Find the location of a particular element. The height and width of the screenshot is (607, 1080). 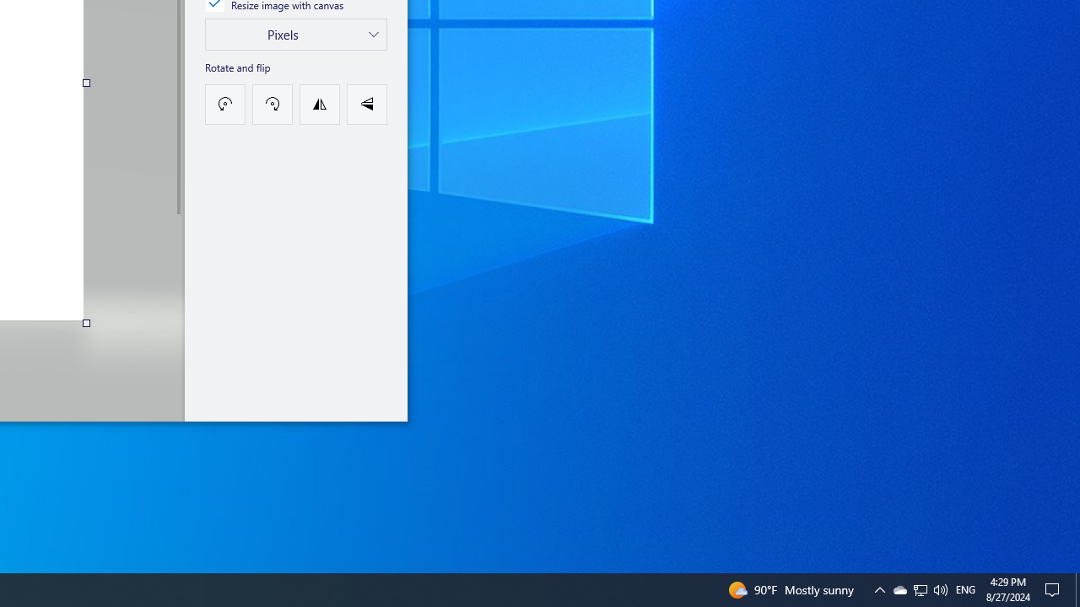

'User Promoted Notification Area' is located at coordinates (939, 588).